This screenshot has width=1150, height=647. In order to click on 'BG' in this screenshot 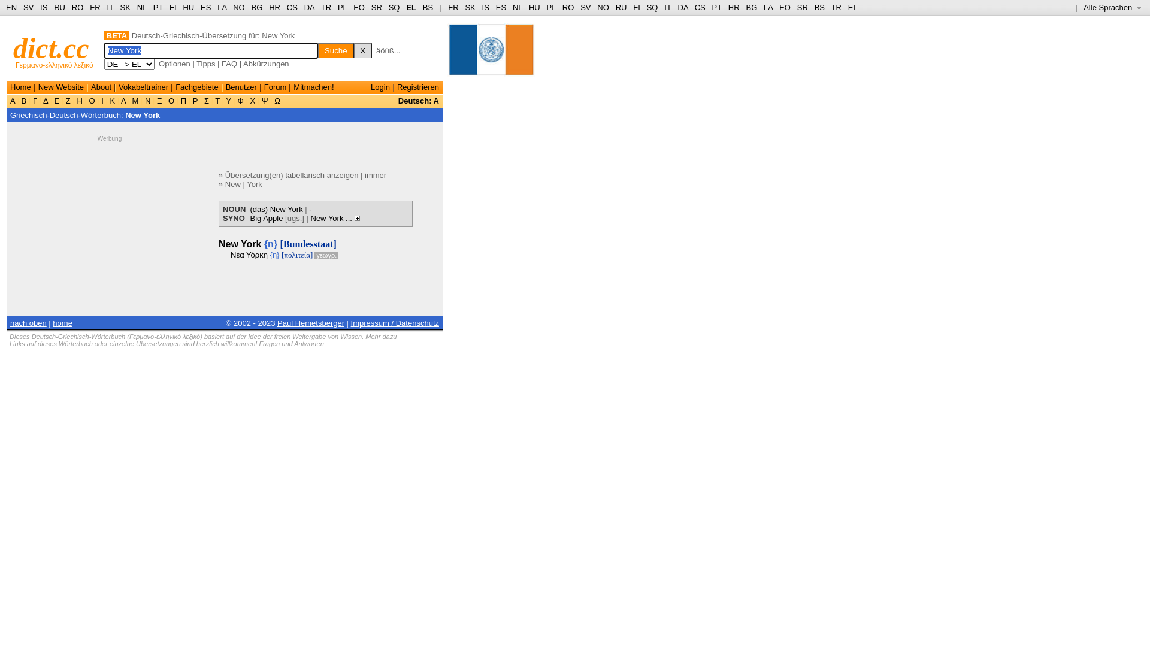, I will do `click(251, 7)`.